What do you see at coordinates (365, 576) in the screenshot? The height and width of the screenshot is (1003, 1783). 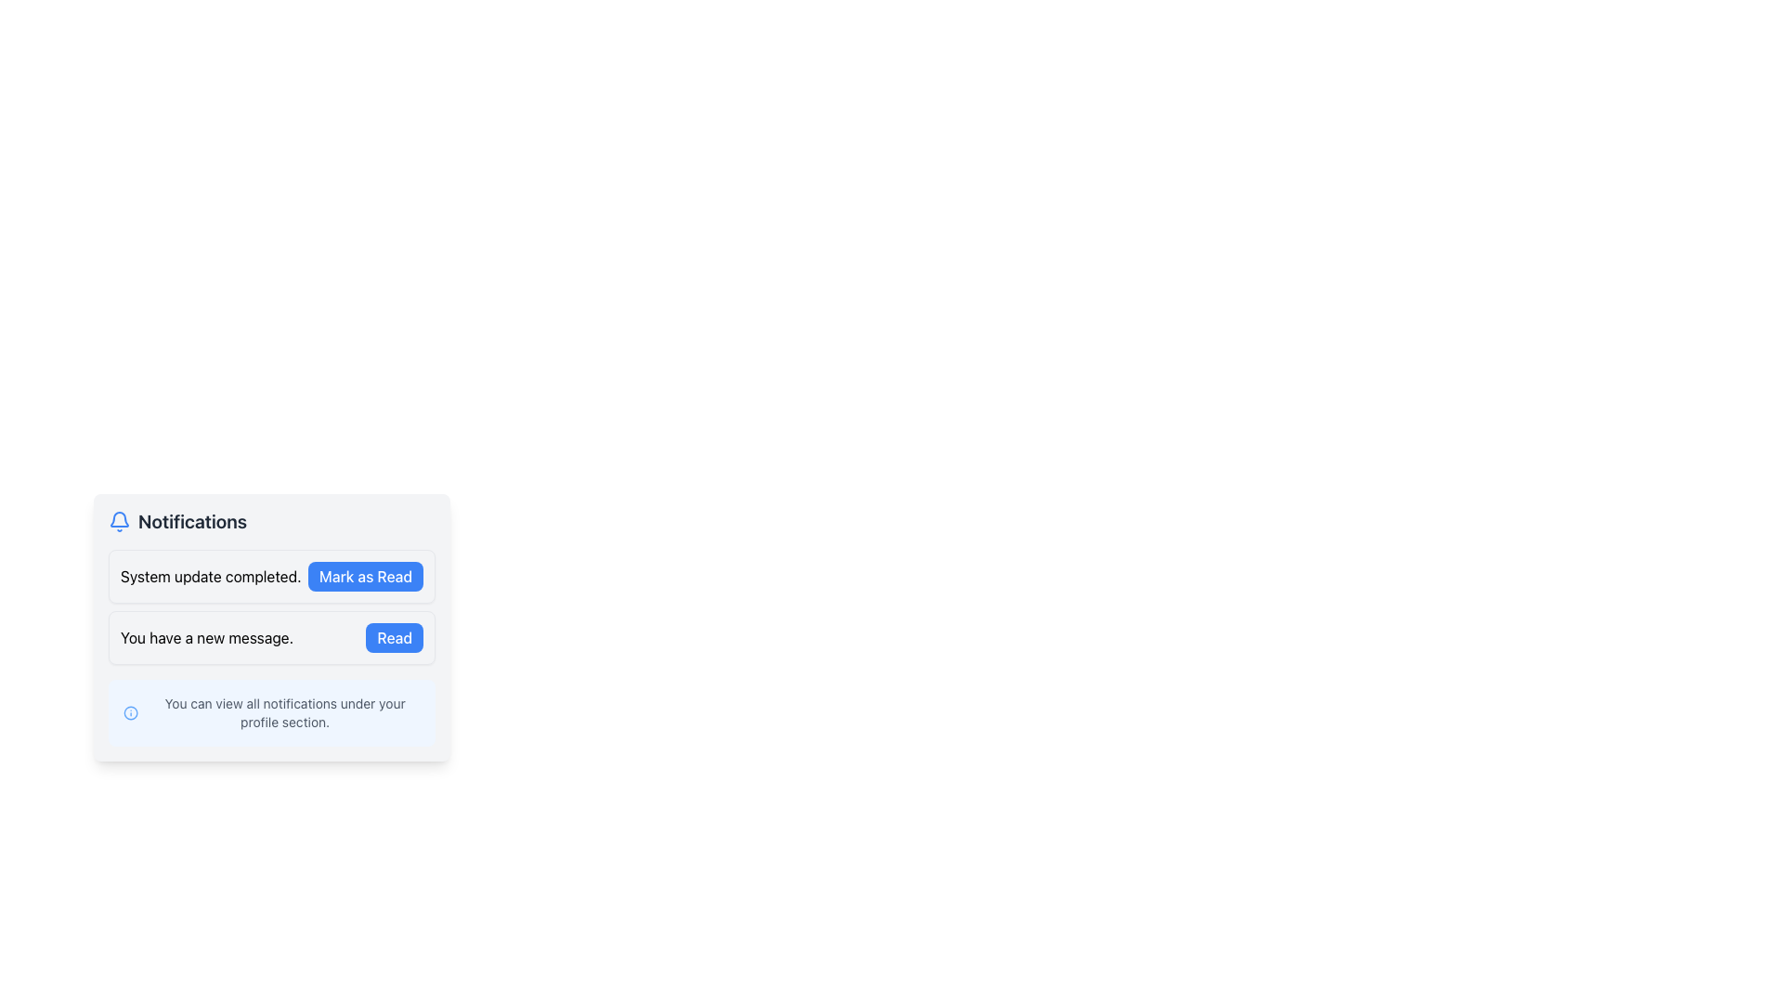 I see `the button to mark the notification as read` at bounding box center [365, 576].